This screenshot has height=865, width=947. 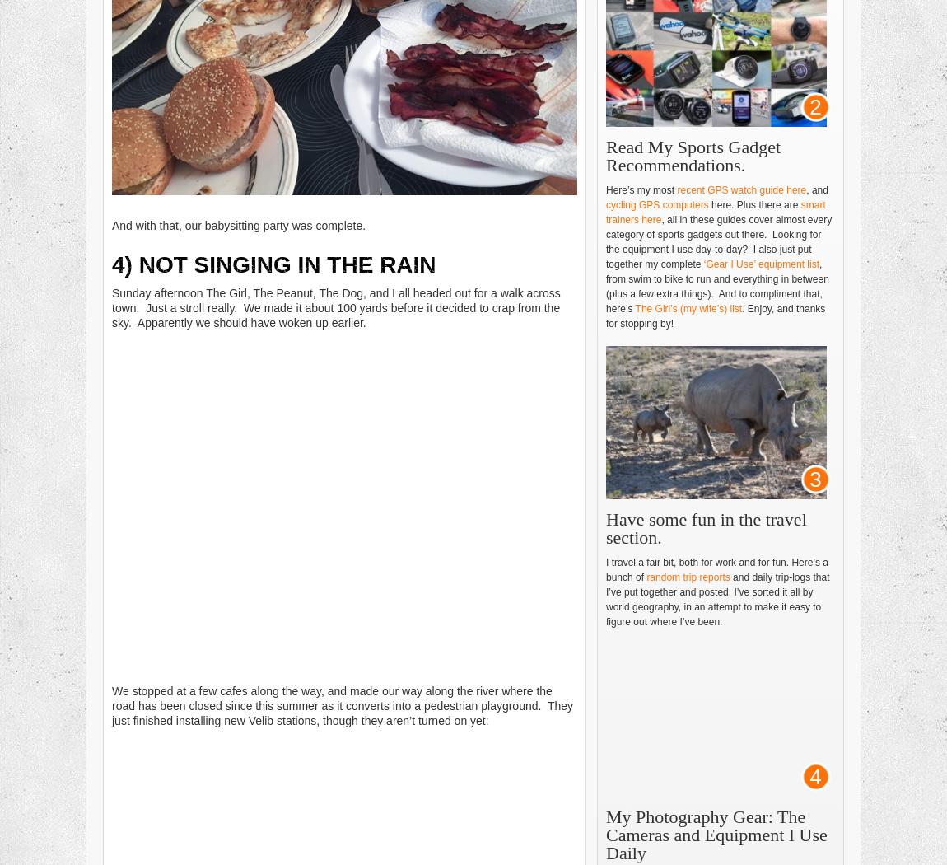 I want to click on '‘Gear I Use’ equipment list', so click(x=761, y=264).